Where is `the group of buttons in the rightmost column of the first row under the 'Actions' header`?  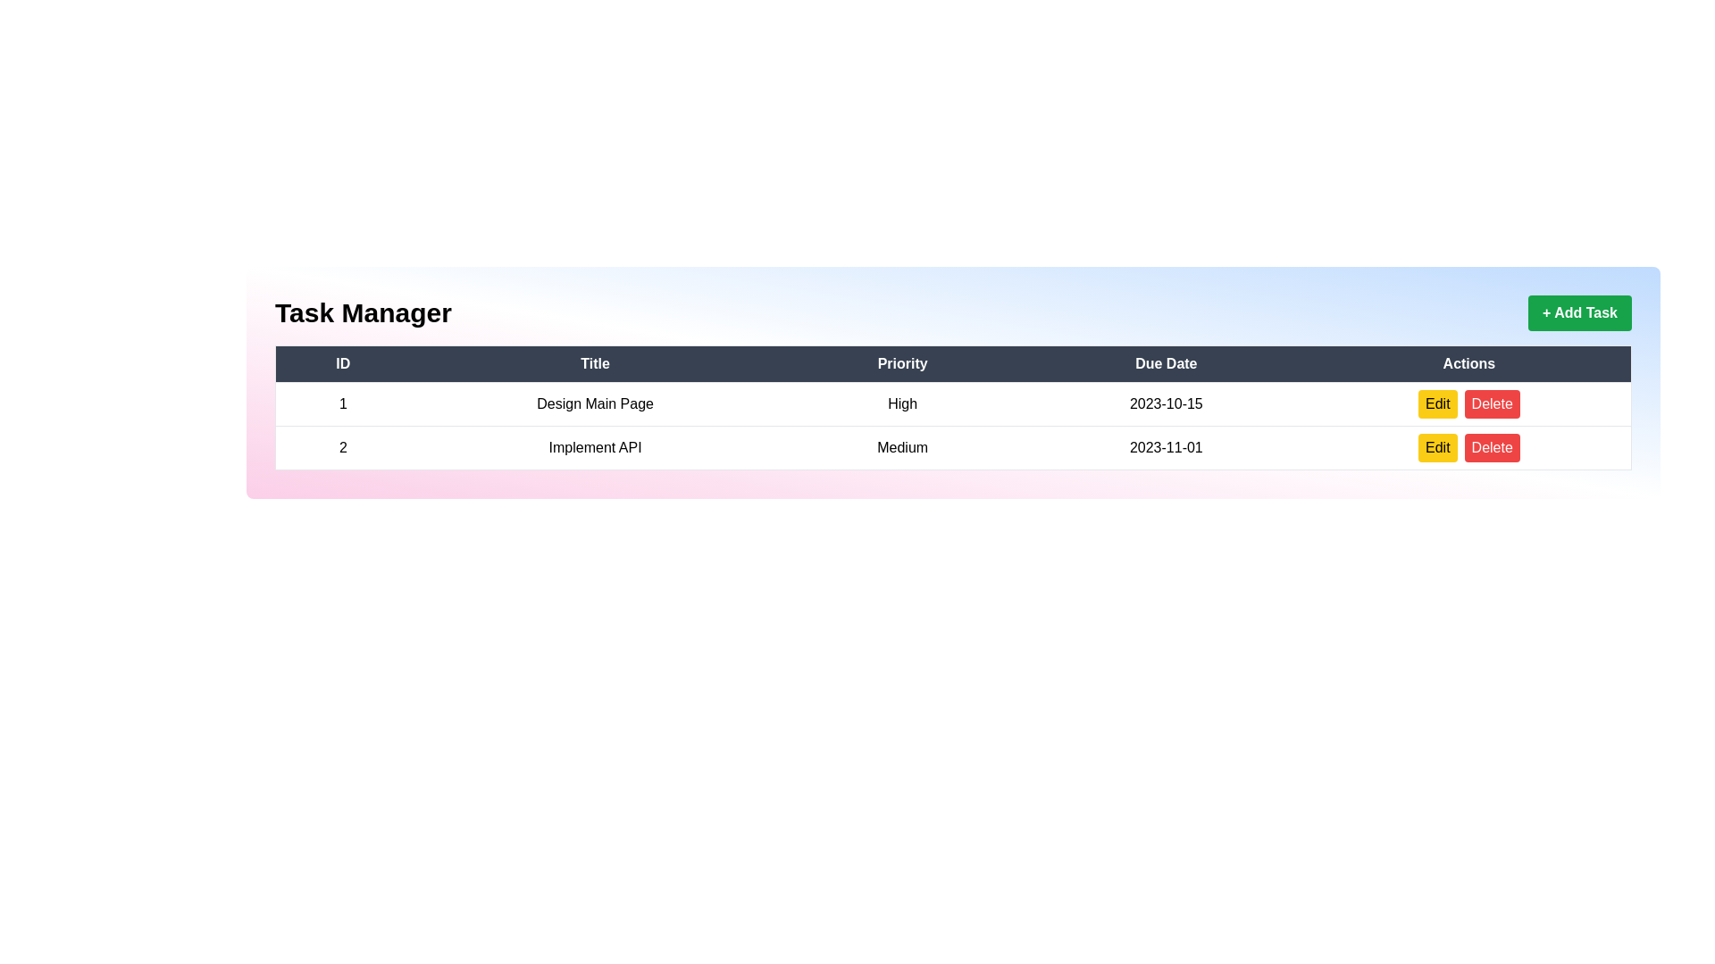 the group of buttons in the rightmost column of the first row under the 'Actions' header is located at coordinates (1469, 403).